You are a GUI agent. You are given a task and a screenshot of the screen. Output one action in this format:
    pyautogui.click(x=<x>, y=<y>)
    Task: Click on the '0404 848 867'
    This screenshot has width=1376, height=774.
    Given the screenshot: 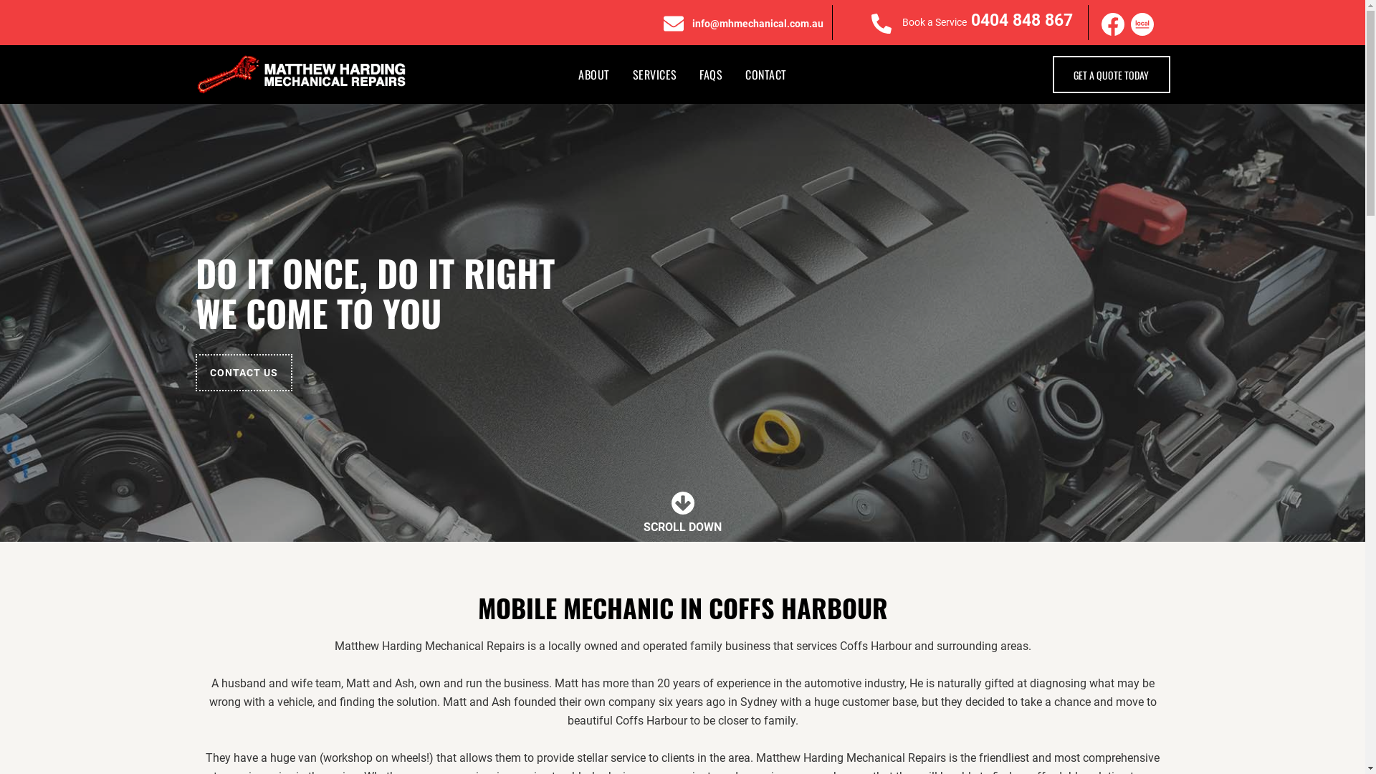 What is the action you would take?
    pyautogui.click(x=1021, y=20)
    